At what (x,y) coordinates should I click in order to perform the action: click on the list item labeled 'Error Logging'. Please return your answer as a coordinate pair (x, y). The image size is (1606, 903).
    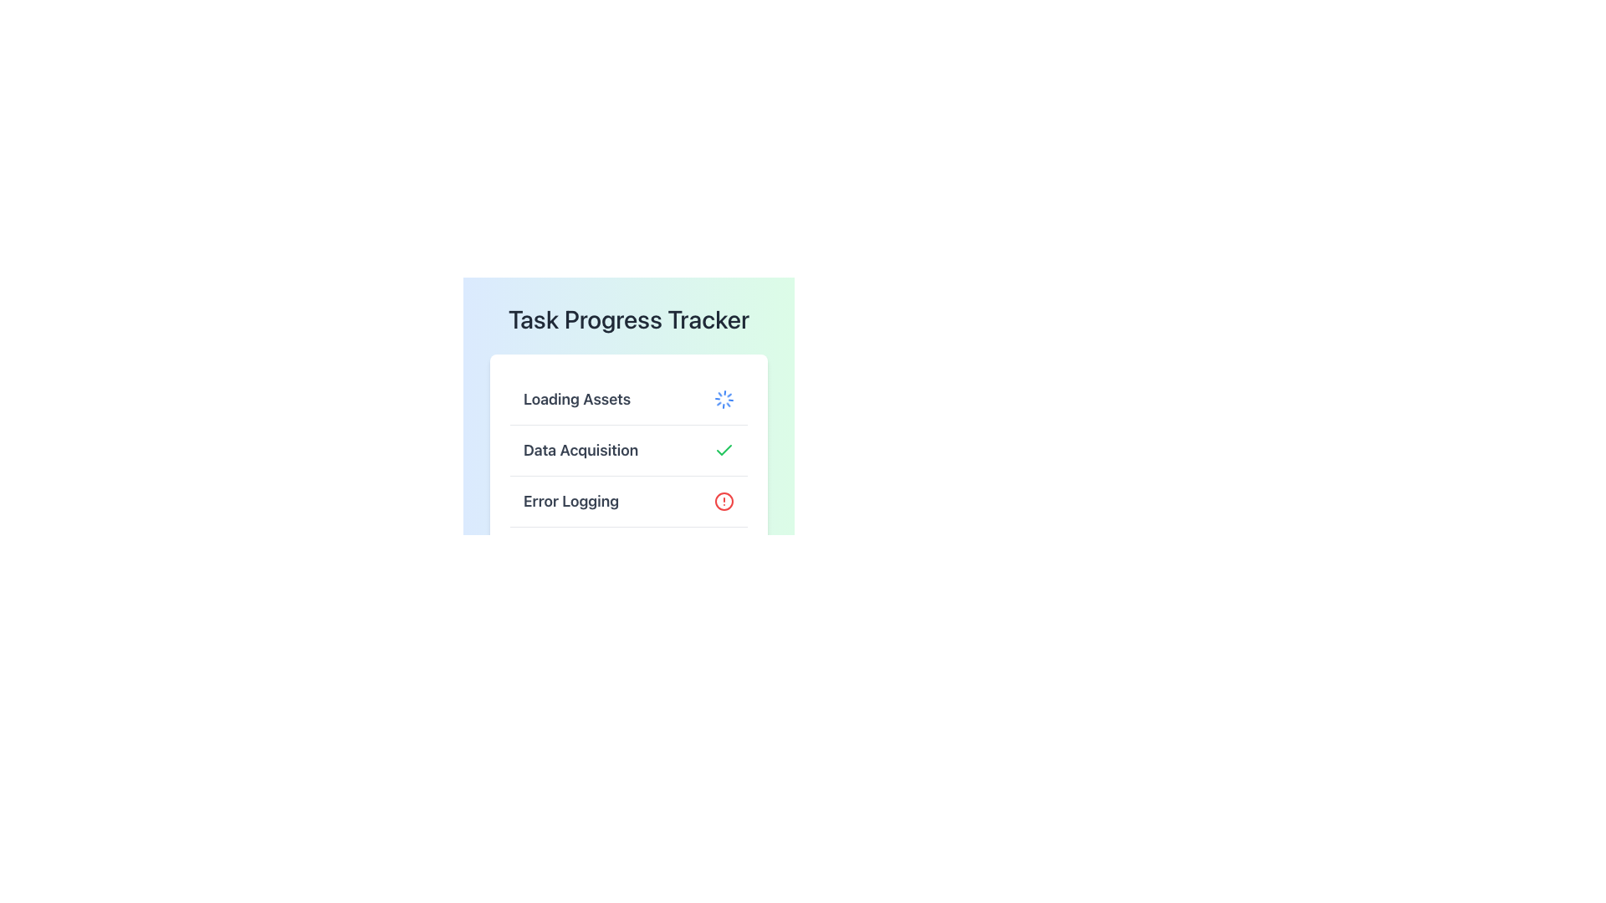
    Looking at the image, I should click on (628, 501).